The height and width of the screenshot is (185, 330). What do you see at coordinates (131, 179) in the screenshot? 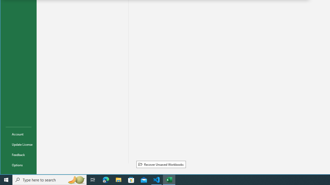
I see `'Microsoft Store'` at bounding box center [131, 179].